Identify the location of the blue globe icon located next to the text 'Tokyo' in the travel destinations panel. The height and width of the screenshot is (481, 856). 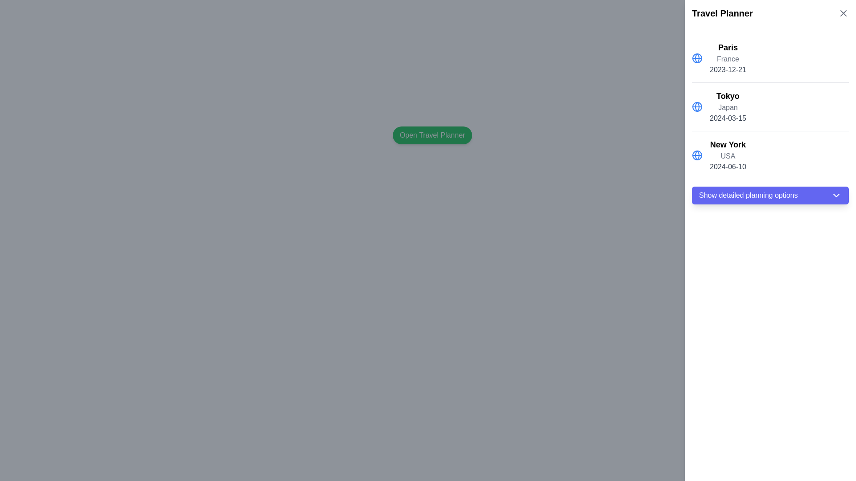
(697, 106).